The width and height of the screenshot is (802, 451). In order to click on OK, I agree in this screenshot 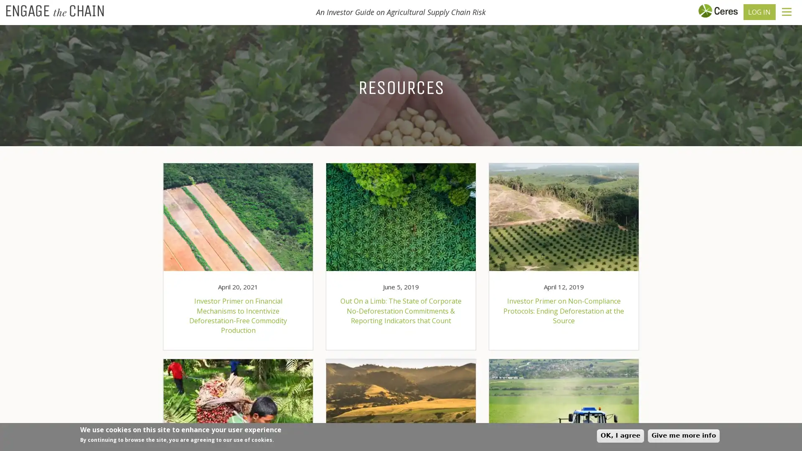, I will do `click(620, 435)`.